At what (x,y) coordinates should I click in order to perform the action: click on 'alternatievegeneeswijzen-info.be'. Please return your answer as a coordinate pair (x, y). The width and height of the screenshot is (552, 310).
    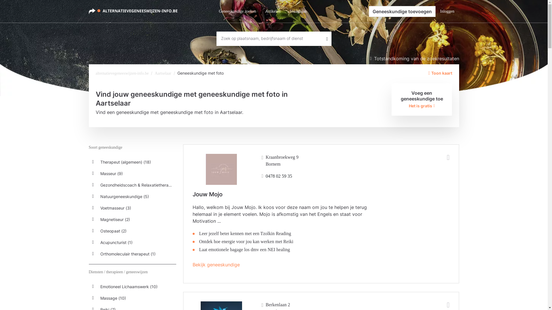
    Looking at the image, I should click on (122, 73).